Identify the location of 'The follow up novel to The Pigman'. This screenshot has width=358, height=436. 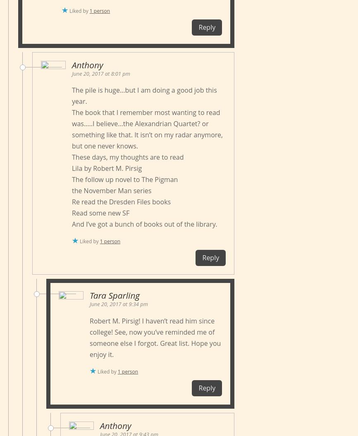
(124, 180).